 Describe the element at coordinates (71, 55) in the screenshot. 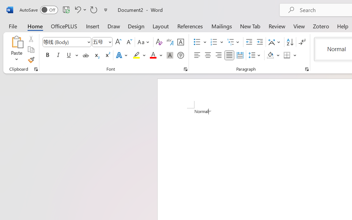

I see `'Underline'` at that location.